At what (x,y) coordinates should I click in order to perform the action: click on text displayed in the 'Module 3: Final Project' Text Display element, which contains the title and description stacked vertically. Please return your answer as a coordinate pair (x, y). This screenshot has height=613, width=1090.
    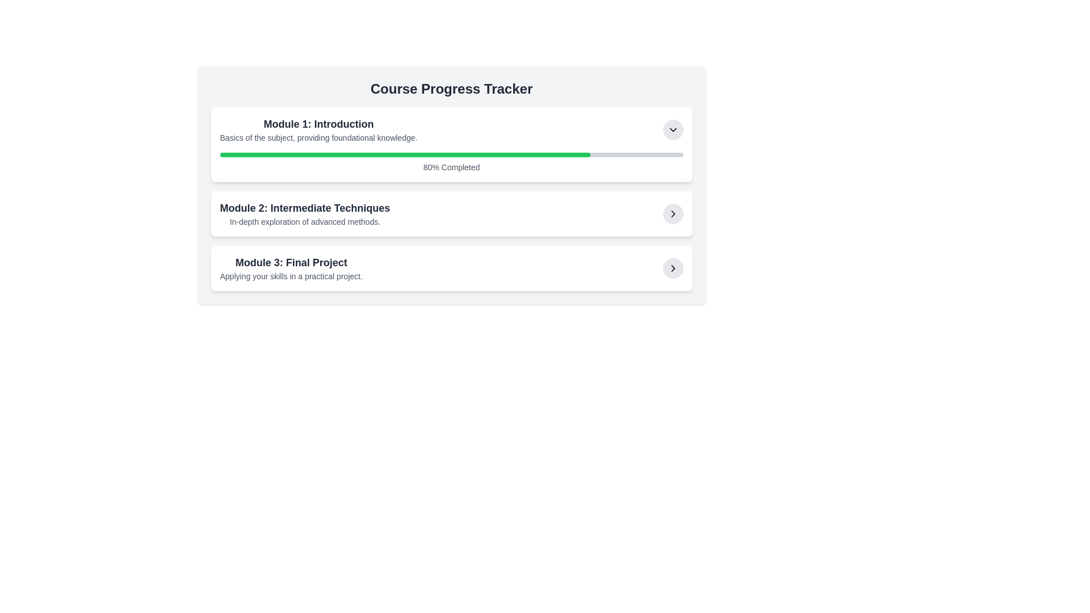
    Looking at the image, I should click on (291, 268).